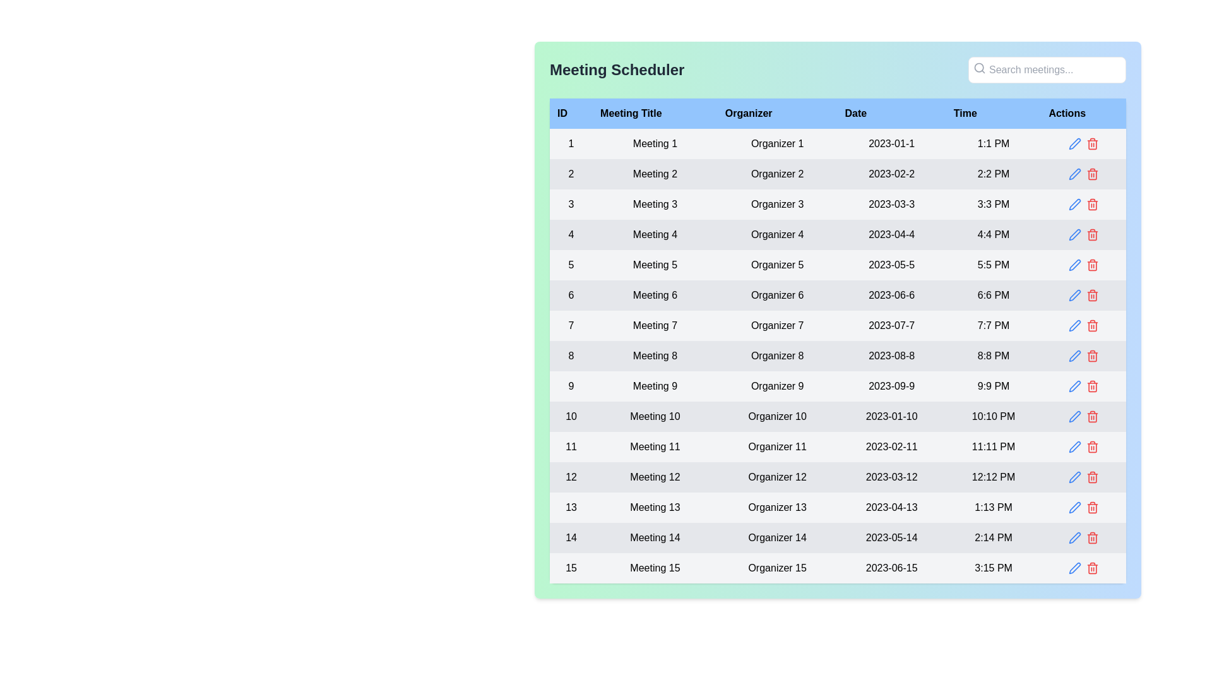 This screenshot has width=1212, height=682. I want to click on the row containing the identifier or index number of the 10th entry in the tabular data interface by clicking on the leftmost text label, so click(571, 416).